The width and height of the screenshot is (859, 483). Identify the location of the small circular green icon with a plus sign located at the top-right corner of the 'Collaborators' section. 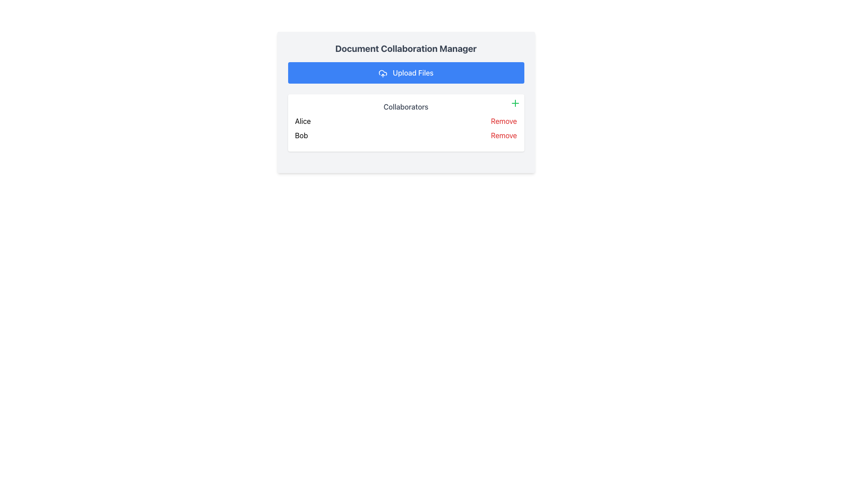
(515, 103).